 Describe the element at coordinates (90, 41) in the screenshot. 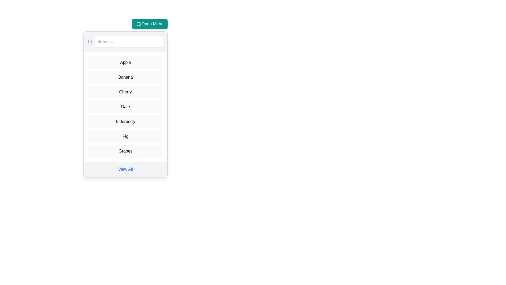

I see `the circular part of the search magnifier icon, which is centered within a 24x24 SVG graphic located above the search input field` at that location.